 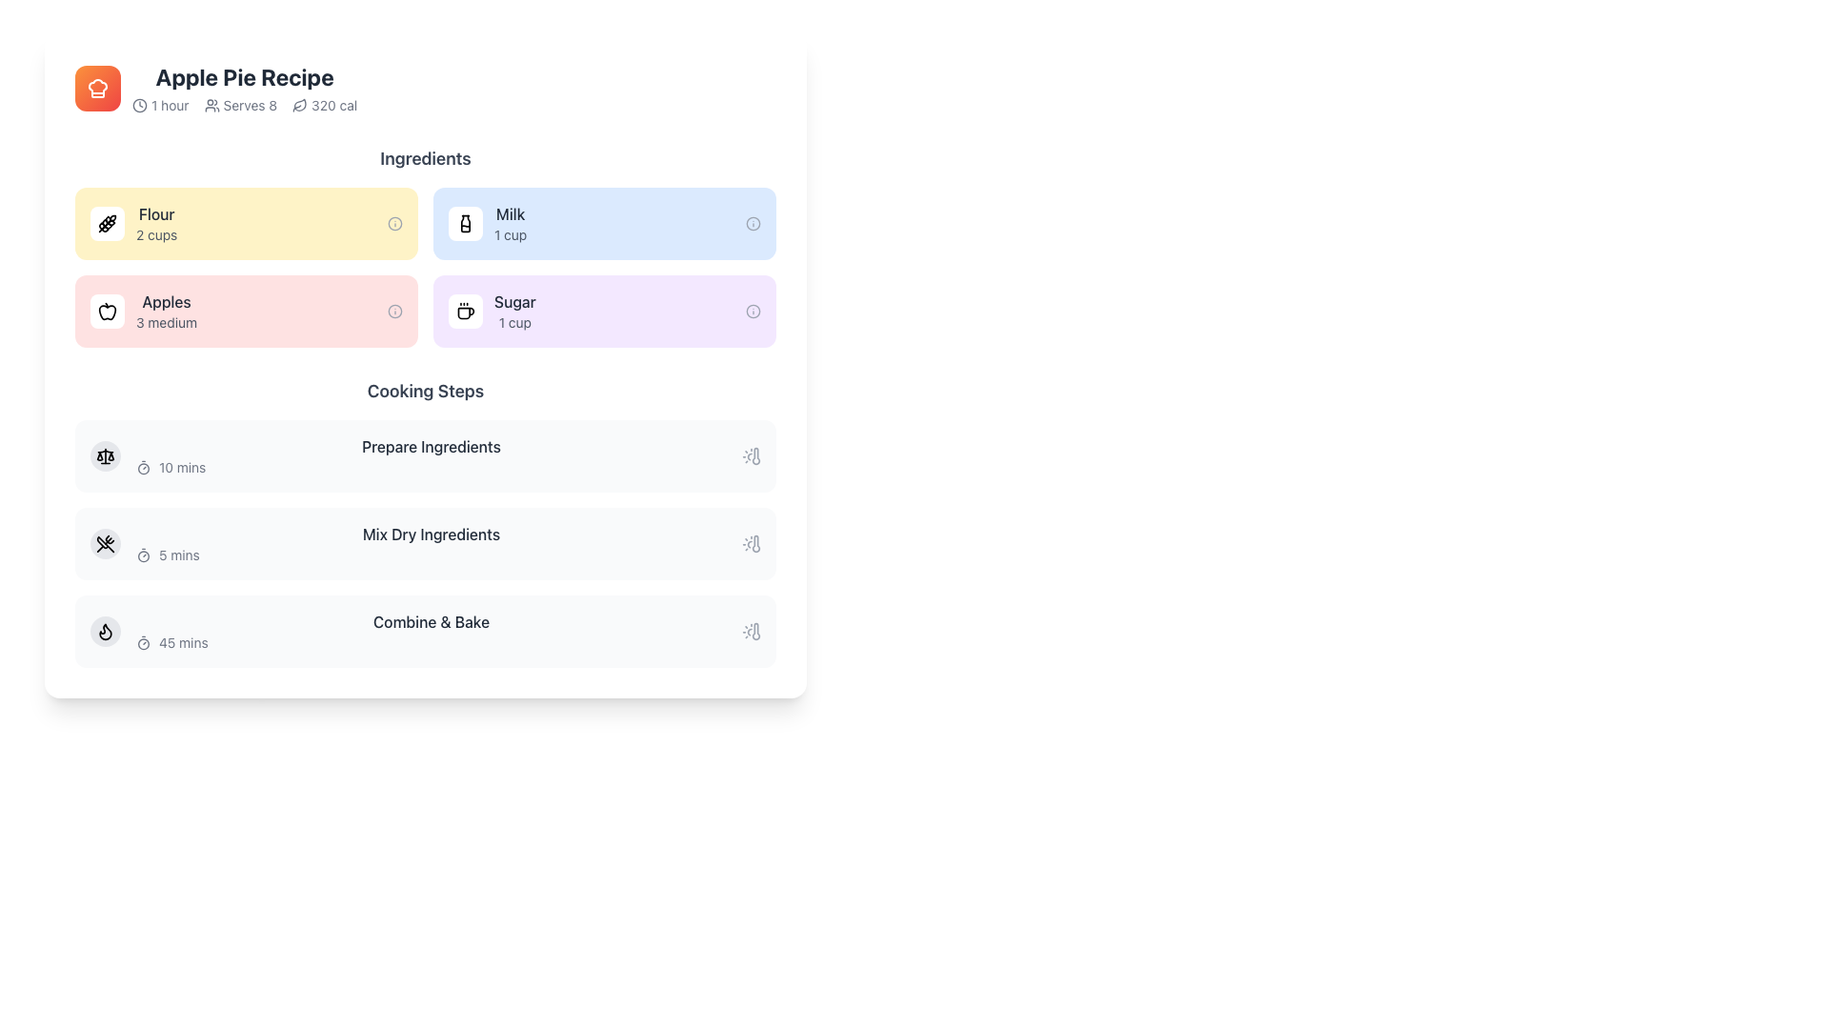 I want to click on the heat icon represented by an SVG located in the lower part of the interface within the 'Combine & Bake' section, so click(x=104, y=632).